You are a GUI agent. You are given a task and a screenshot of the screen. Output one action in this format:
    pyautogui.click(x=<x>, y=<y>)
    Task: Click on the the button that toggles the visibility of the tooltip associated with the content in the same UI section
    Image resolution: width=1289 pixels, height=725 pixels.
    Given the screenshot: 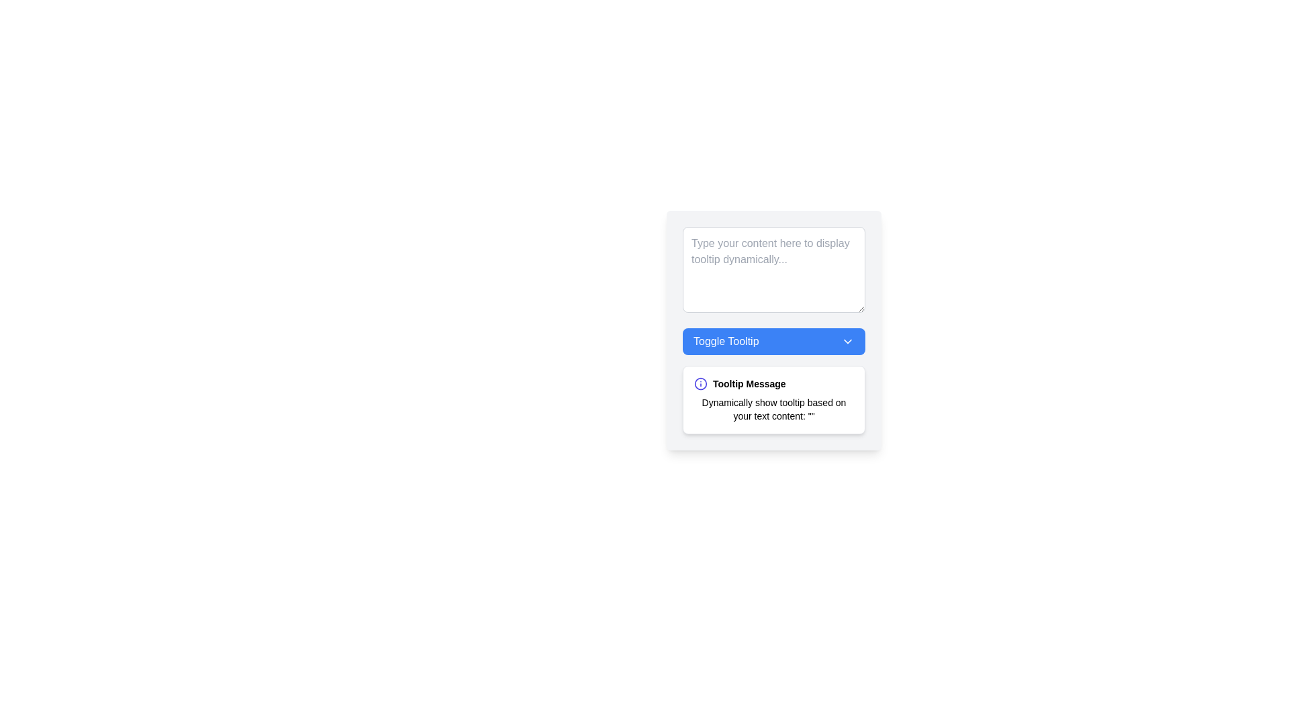 What is the action you would take?
    pyautogui.click(x=773, y=330)
    